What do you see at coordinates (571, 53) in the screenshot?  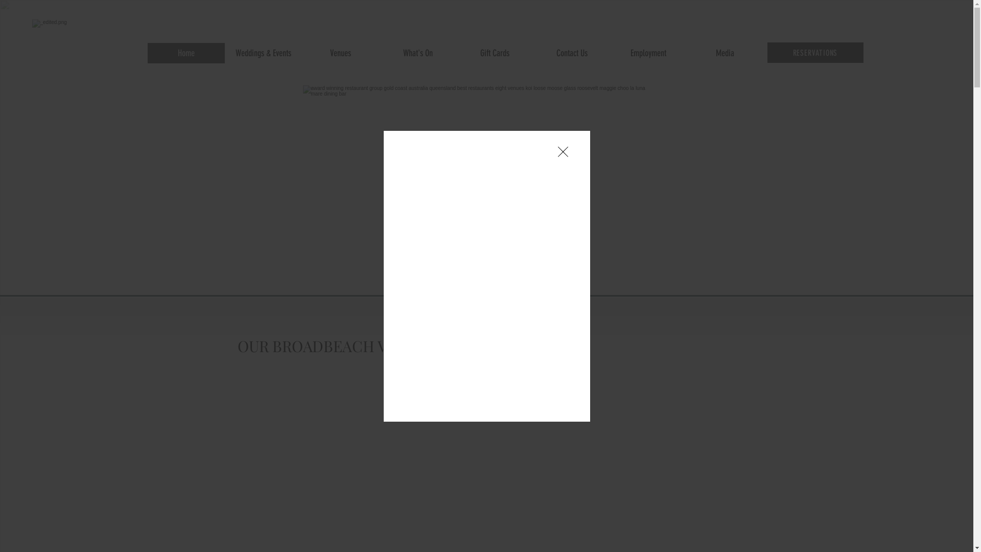 I see `'Contact Us'` at bounding box center [571, 53].